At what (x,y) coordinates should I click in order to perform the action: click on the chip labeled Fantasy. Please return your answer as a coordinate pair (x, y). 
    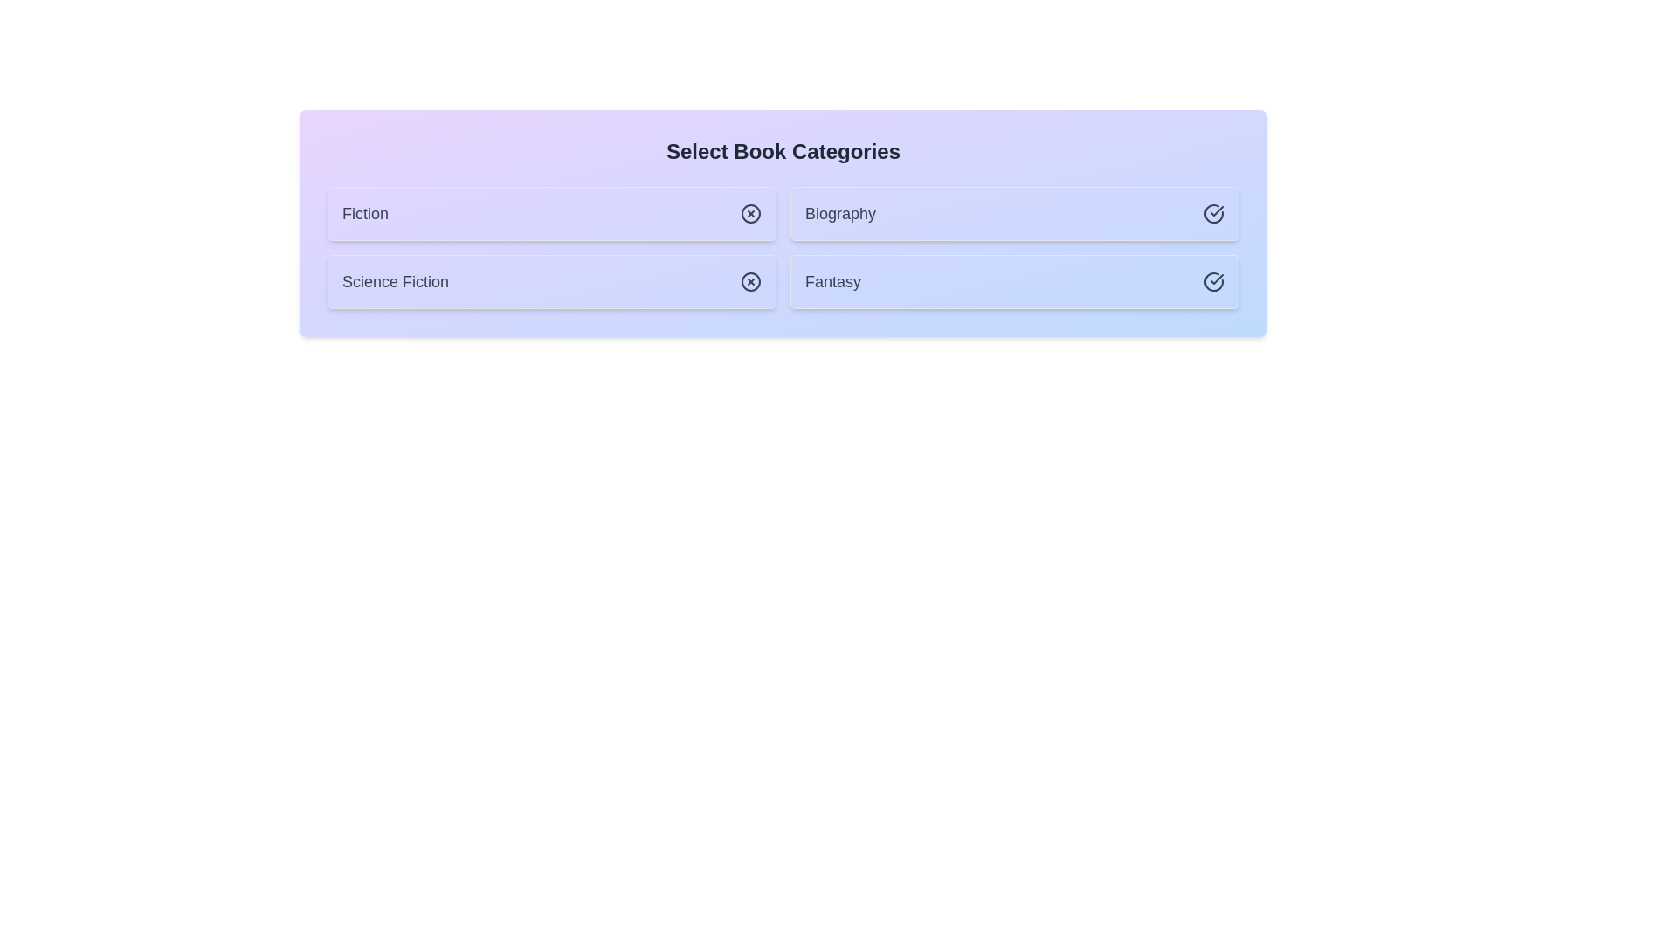
    Looking at the image, I should click on (1014, 281).